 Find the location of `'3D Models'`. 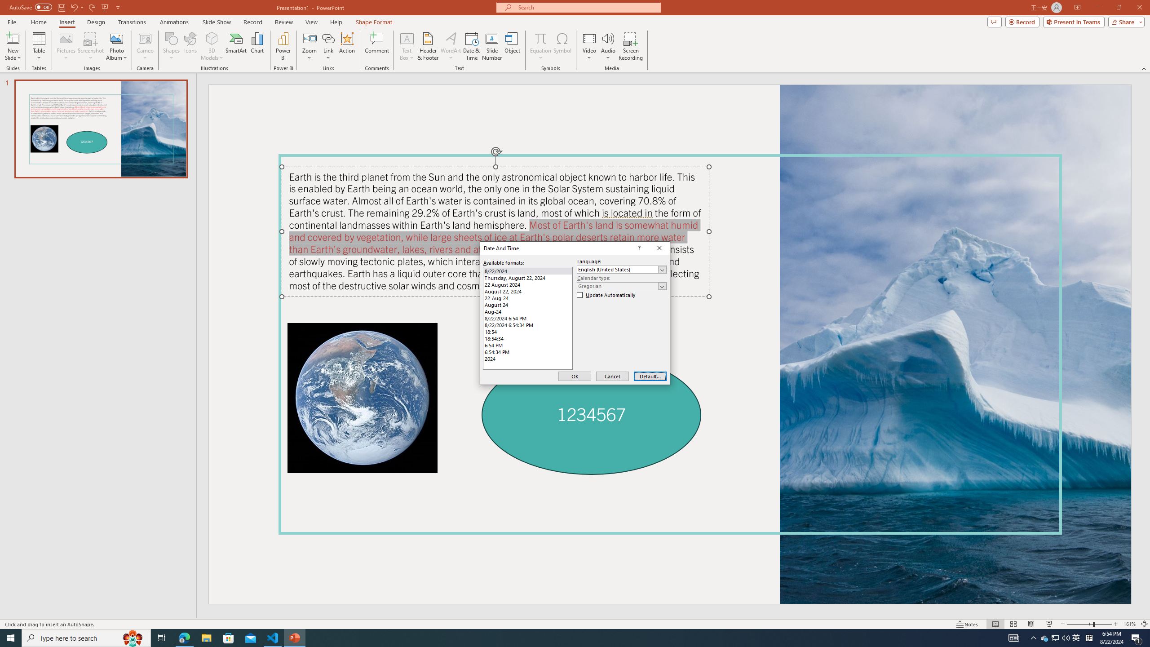

'3D Models' is located at coordinates (212, 38).